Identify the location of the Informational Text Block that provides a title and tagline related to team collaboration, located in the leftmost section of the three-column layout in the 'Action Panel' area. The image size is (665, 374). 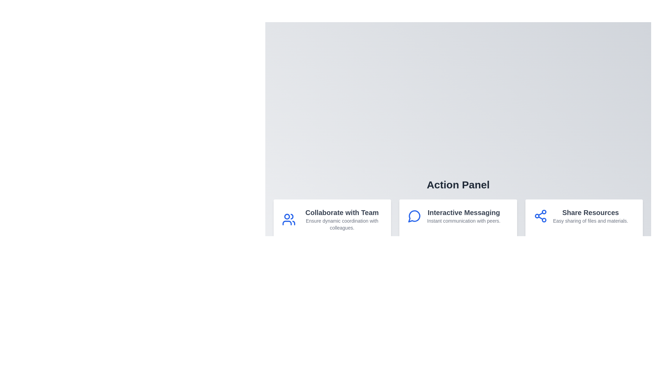
(342, 219).